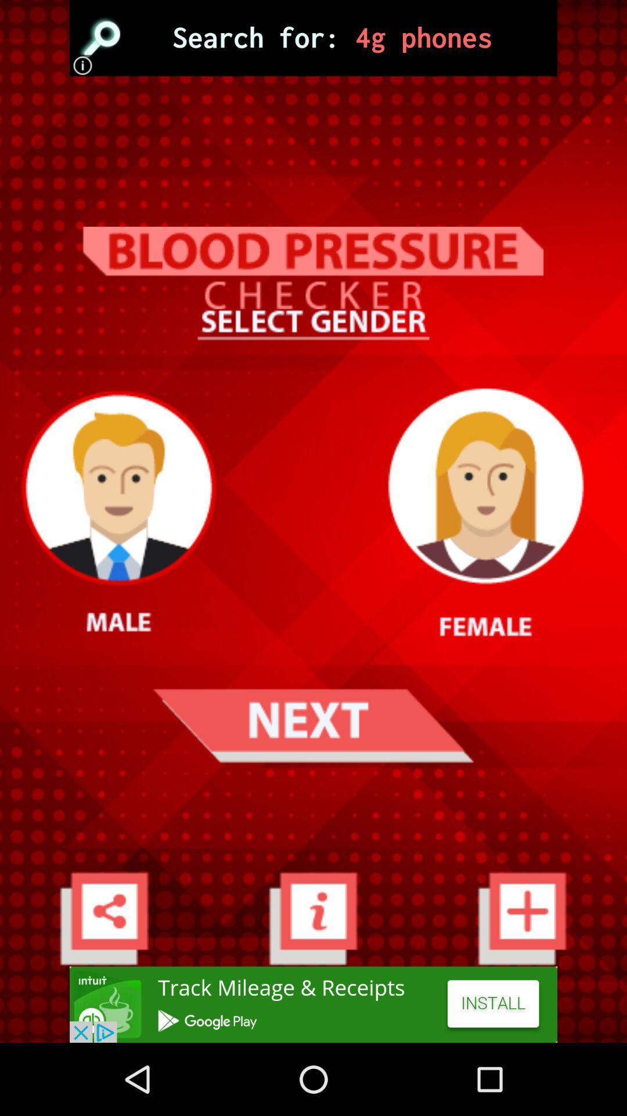  What do you see at coordinates (312, 982) in the screenshot?
I see `the info icon` at bounding box center [312, 982].